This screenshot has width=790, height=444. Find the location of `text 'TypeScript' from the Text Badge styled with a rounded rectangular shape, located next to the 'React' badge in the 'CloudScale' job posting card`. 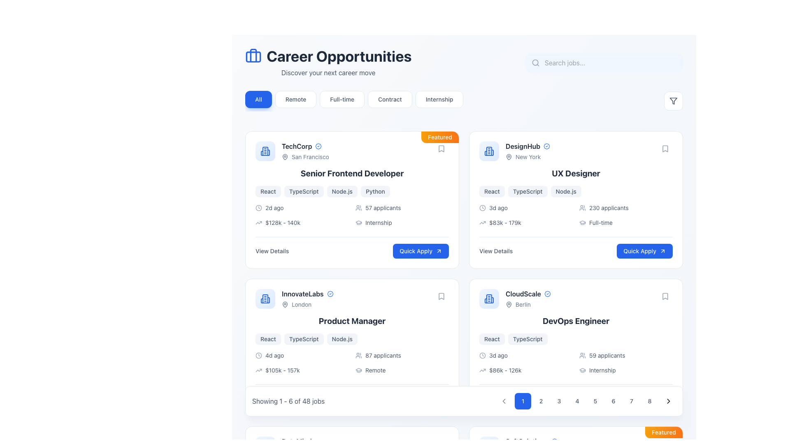

text 'TypeScript' from the Text Badge styled with a rounded rectangular shape, located next to the 'React' badge in the 'CloudScale' job posting card is located at coordinates (527, 339).